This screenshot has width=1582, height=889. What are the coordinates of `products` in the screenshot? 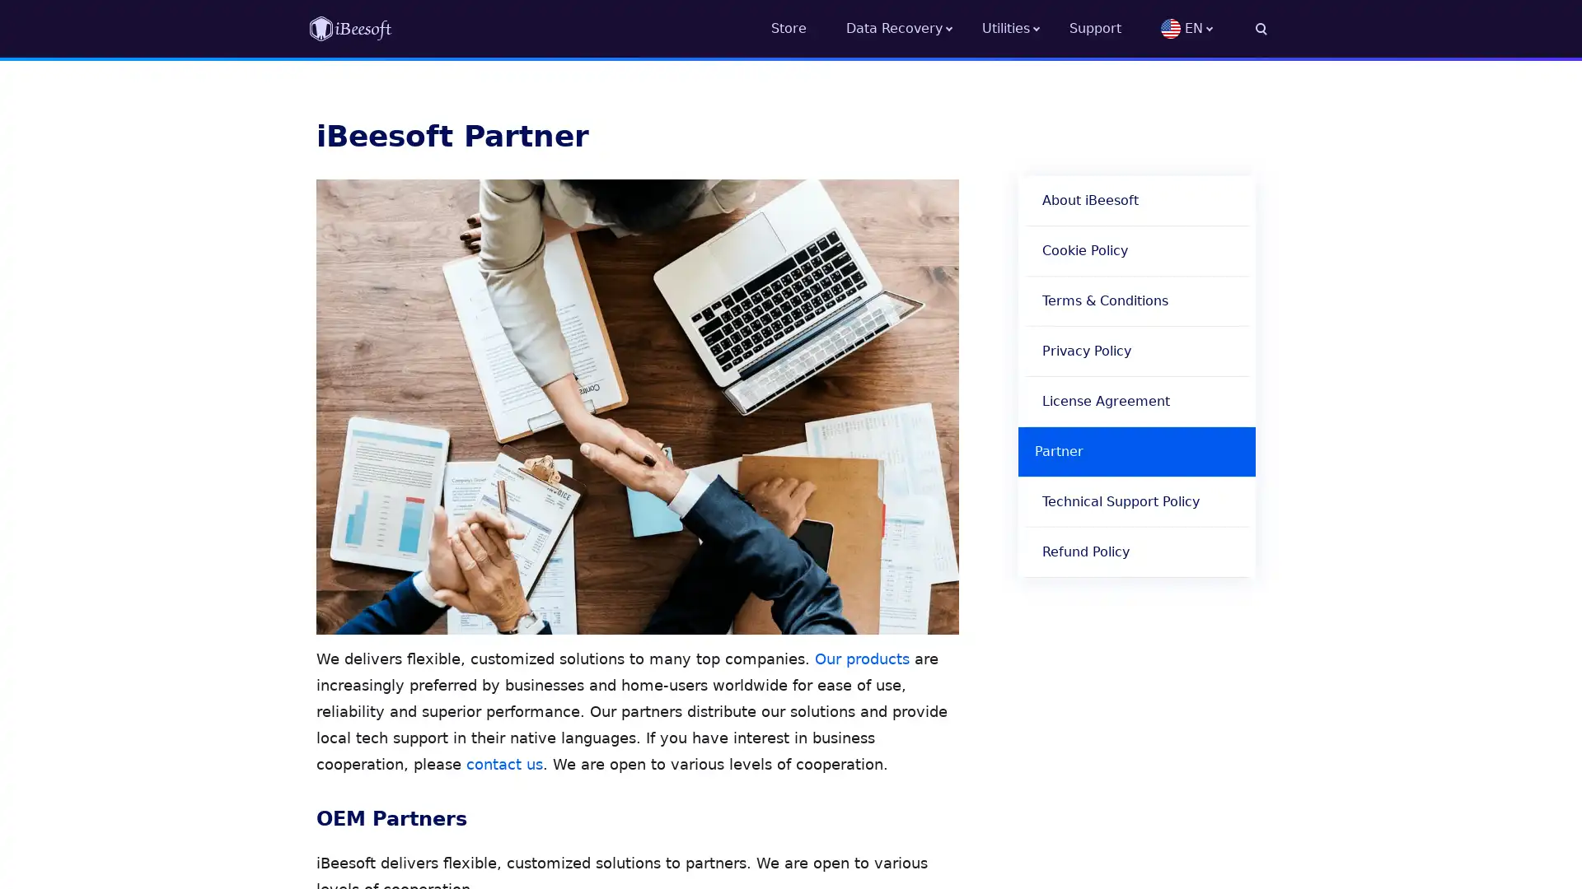 It's located at (1024, 28).